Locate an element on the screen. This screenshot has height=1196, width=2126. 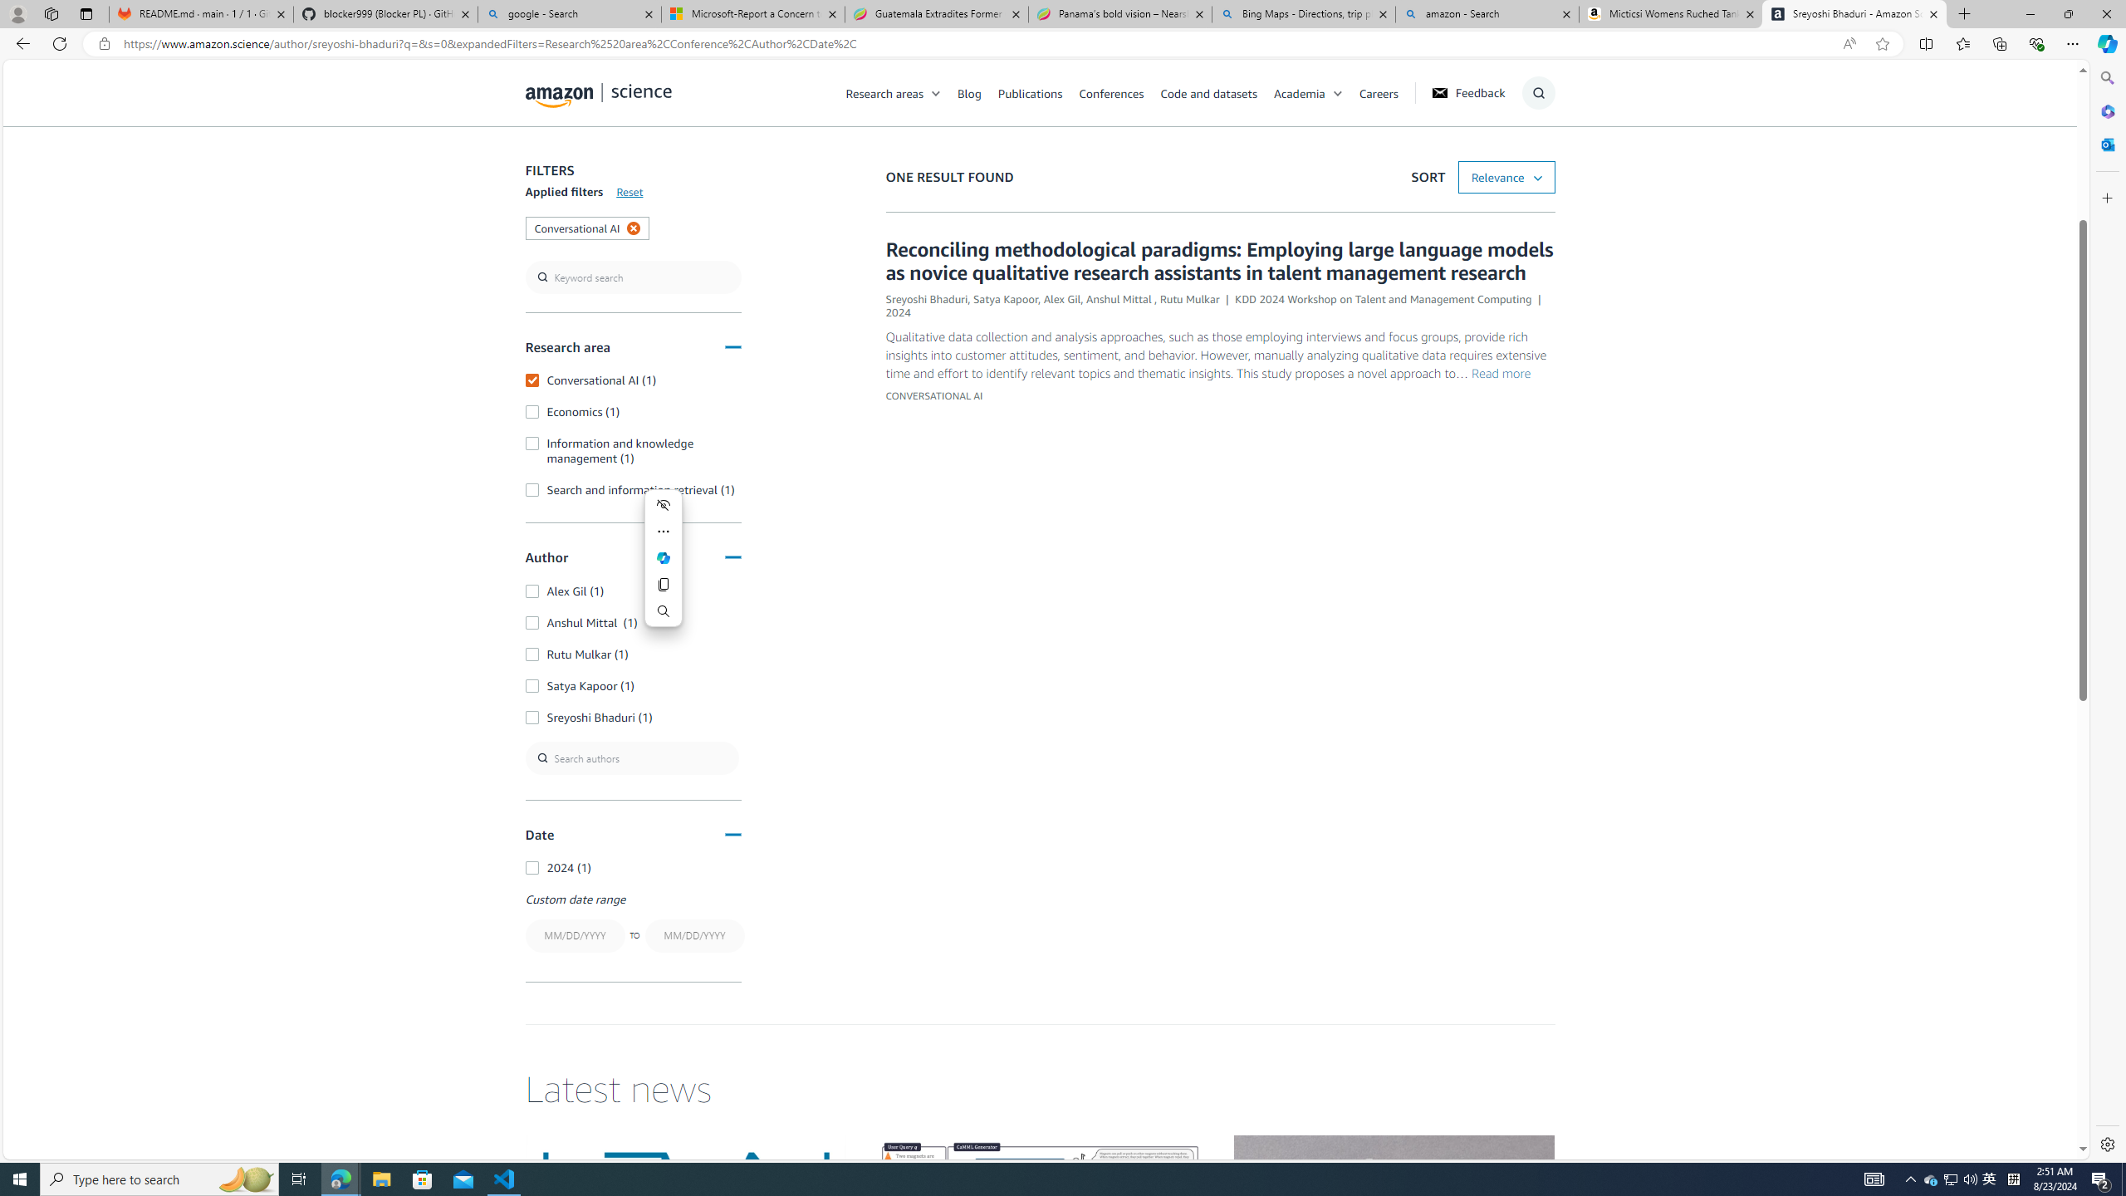
'New Tab' is located at coordinates (1964, 13).